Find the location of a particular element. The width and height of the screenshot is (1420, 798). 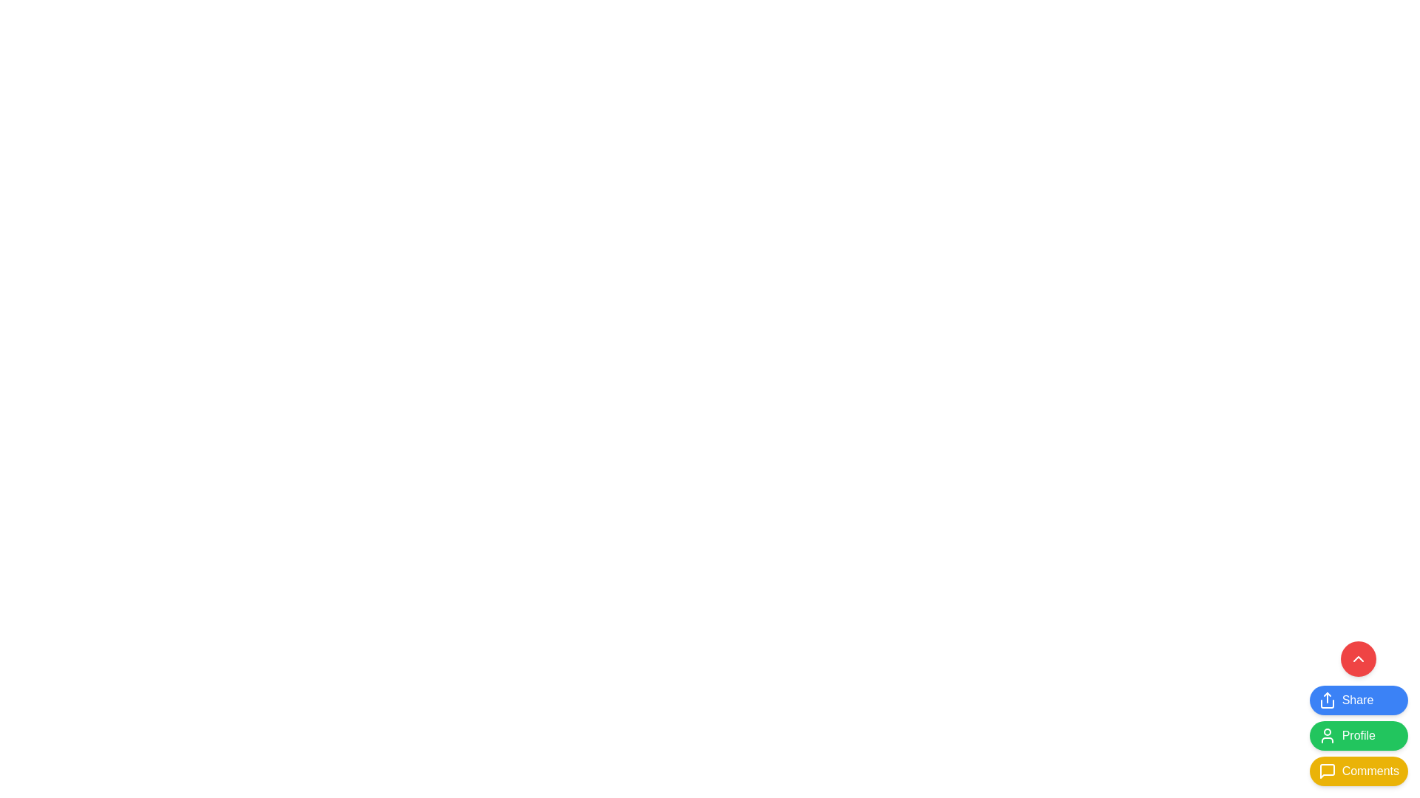

the small yellow square-shaped chat icon located at the bottom-right corner of the interface, which is positioned between the 'Profile' button above and the 'Comments' button below is located at coordinates (1327, 771).